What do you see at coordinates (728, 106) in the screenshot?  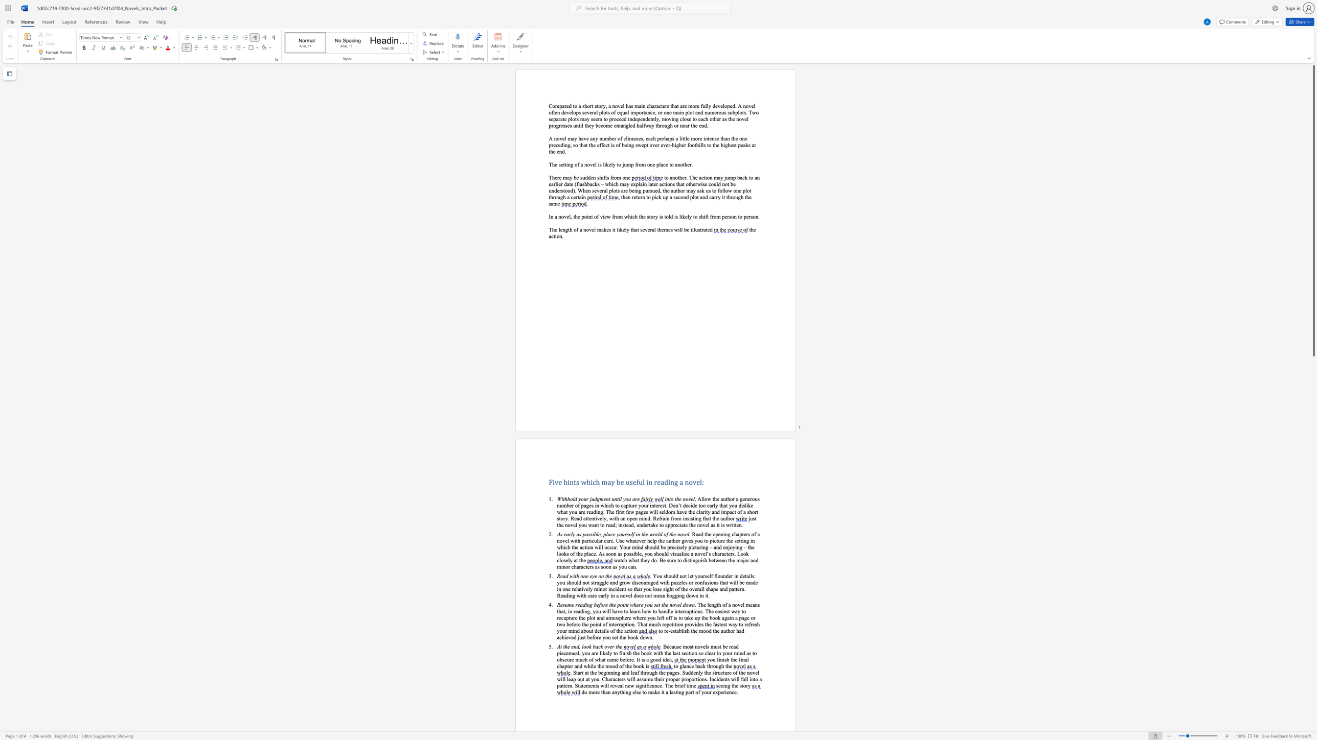 I see `the 2th character "p" in the text` at bounding box center [728, 106].